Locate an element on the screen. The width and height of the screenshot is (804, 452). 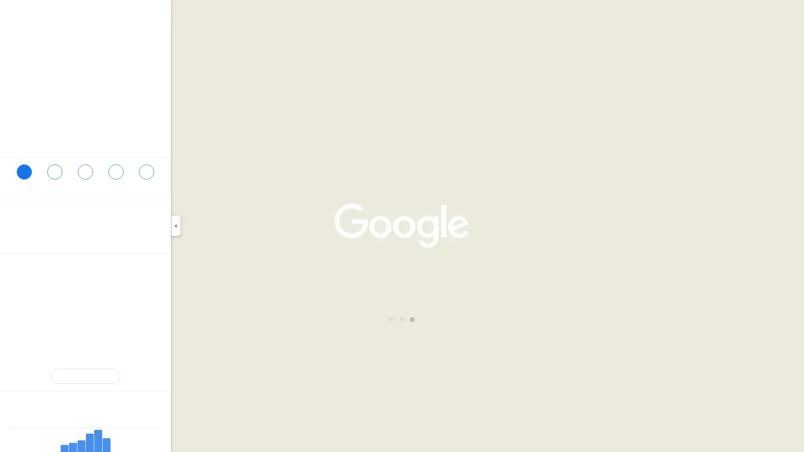
109 photos is located at coordinates (32, 87).